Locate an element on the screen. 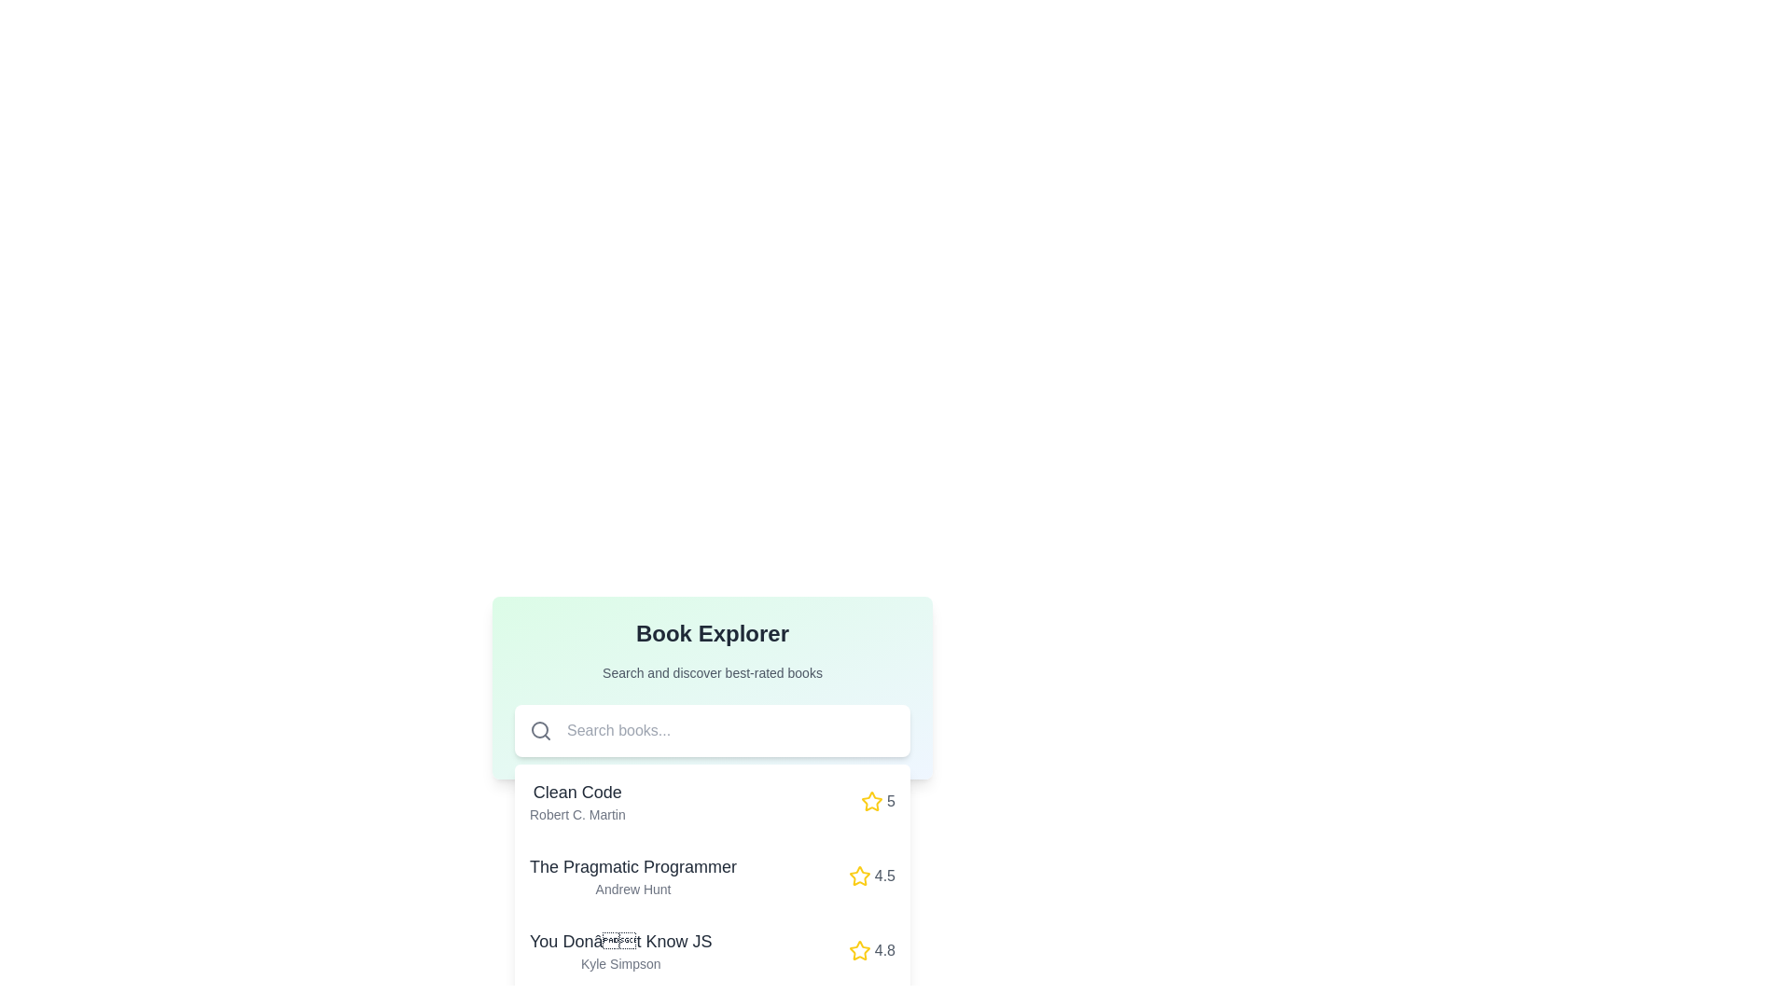  the rating score label displaying '4.5', which is styled in gray and located next to the yellow star icon in the book listing for 'The Pragmatic Programmer' is located at coordinates (883, 876).